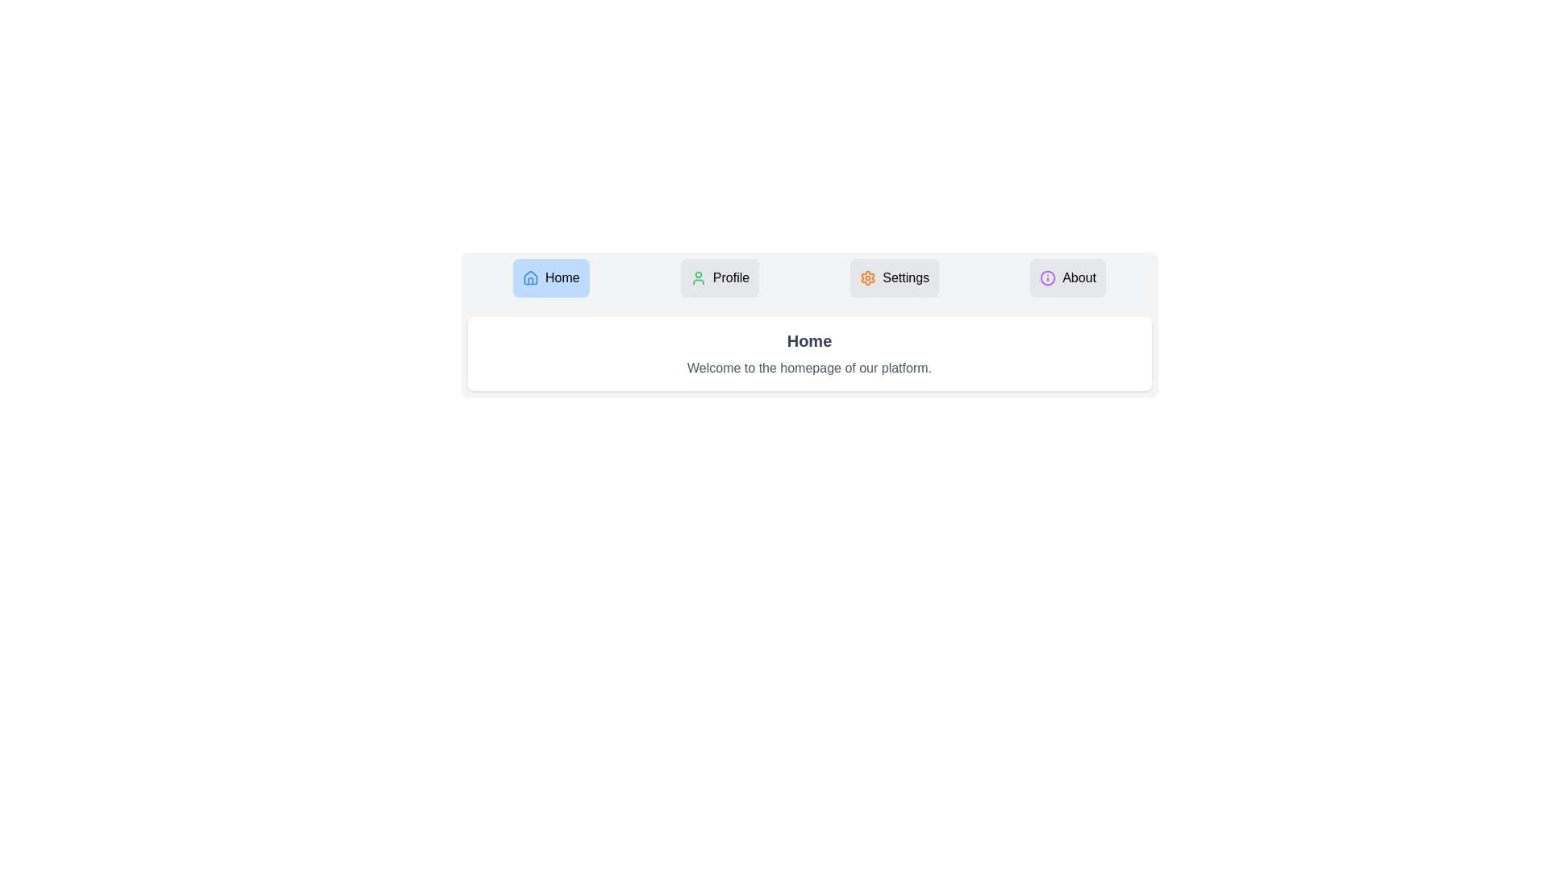 The height and width of the screenshot is (871, 1549). Describe the element at coordinates (1068, 277) in the screenshot. I see `the About tab by clicking on its button` at that location.